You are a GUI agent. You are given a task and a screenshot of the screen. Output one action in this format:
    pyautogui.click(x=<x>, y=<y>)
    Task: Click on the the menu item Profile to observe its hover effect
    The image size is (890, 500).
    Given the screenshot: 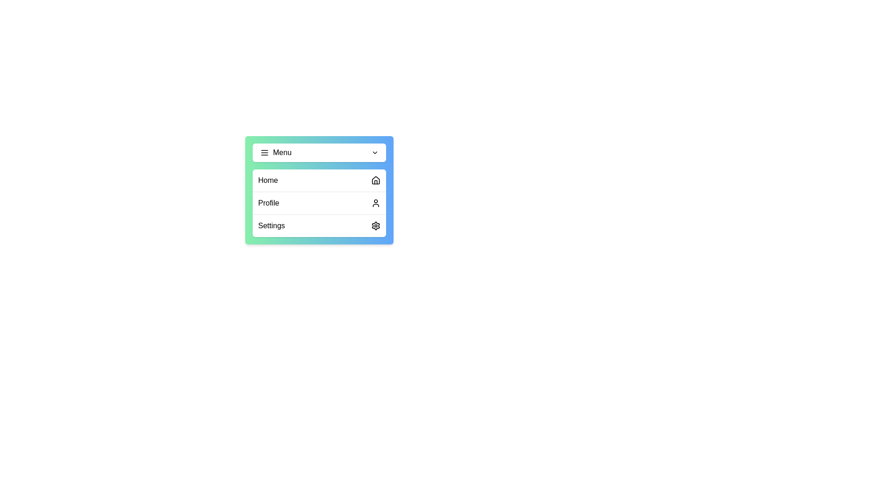 What is the action you would take?
    pyautogui.click(x=319, y=202)
    